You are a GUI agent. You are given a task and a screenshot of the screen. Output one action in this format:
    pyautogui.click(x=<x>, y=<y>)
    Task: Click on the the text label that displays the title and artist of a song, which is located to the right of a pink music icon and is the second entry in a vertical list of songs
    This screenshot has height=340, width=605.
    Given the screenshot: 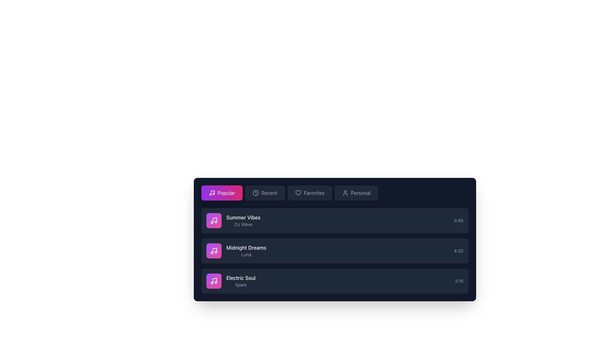 What is the action you would take?
    pyautogui.click(x=246, y=251)
    